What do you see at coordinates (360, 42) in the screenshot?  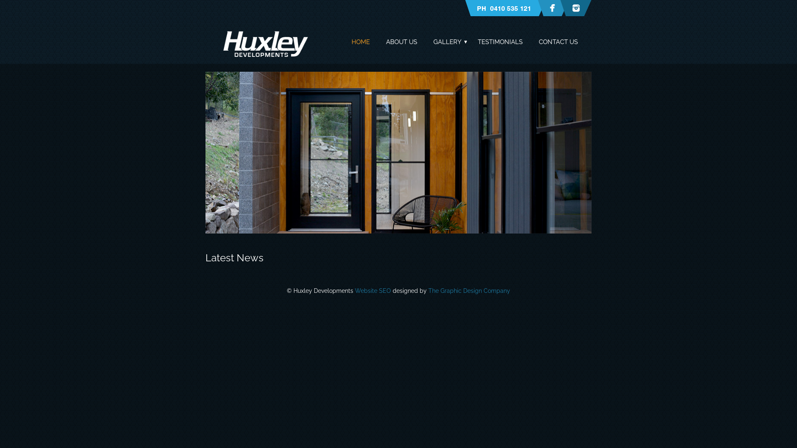 I see `'HOME'` at bounding box center [360, 42].